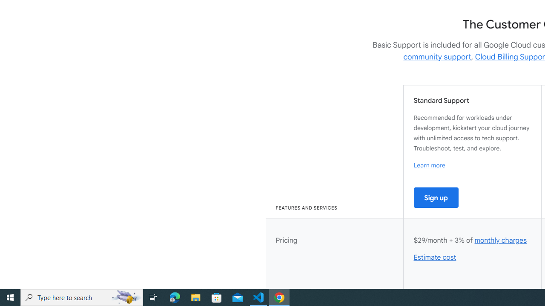 This screenshot has width=545, height=306. I want to click on 'monthly charges', so click(500, 240).